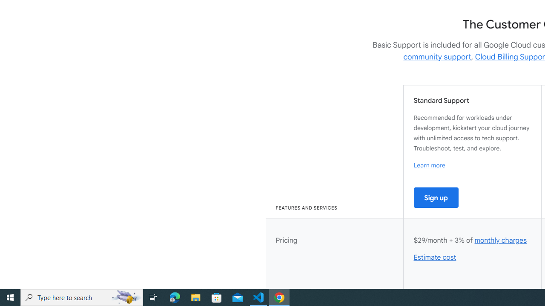 This screenshot has width=545, height=306. I want to click on 'monthly charges', so click(500, 240).